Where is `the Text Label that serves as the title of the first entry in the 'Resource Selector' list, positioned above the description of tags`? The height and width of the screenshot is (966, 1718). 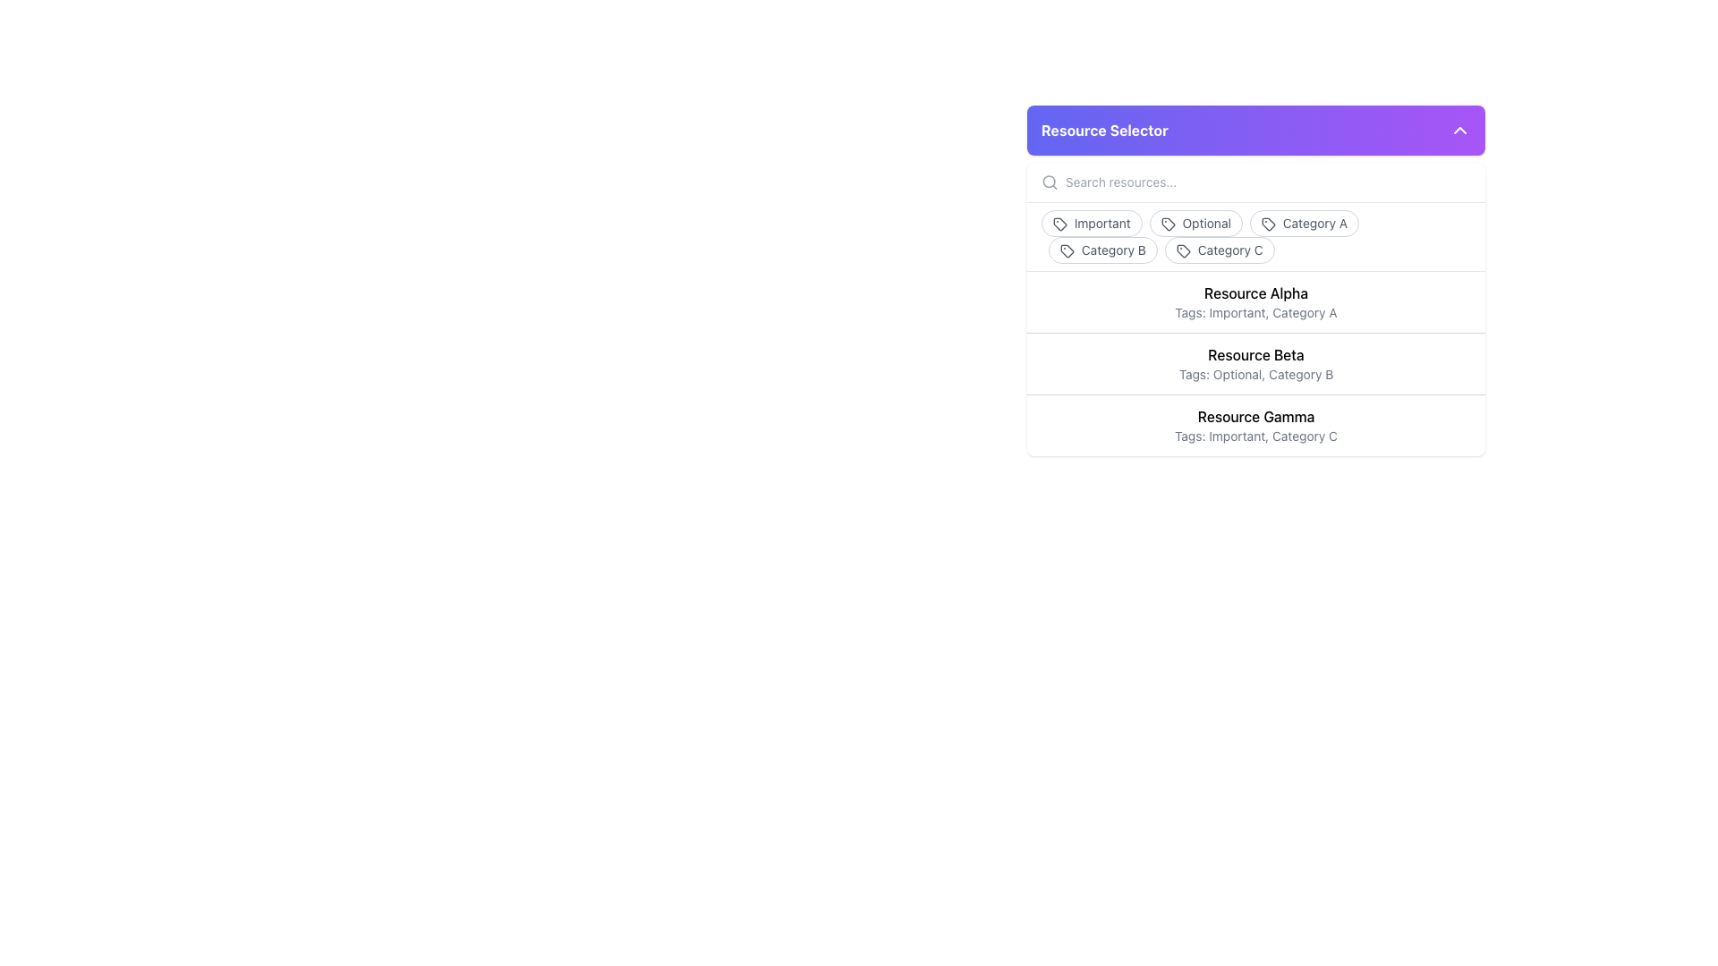
the Text Label that serves as the title of the first entry in the 'Resource Selector' list, positioned above the description of tags is located at coordinates (1254, 292).